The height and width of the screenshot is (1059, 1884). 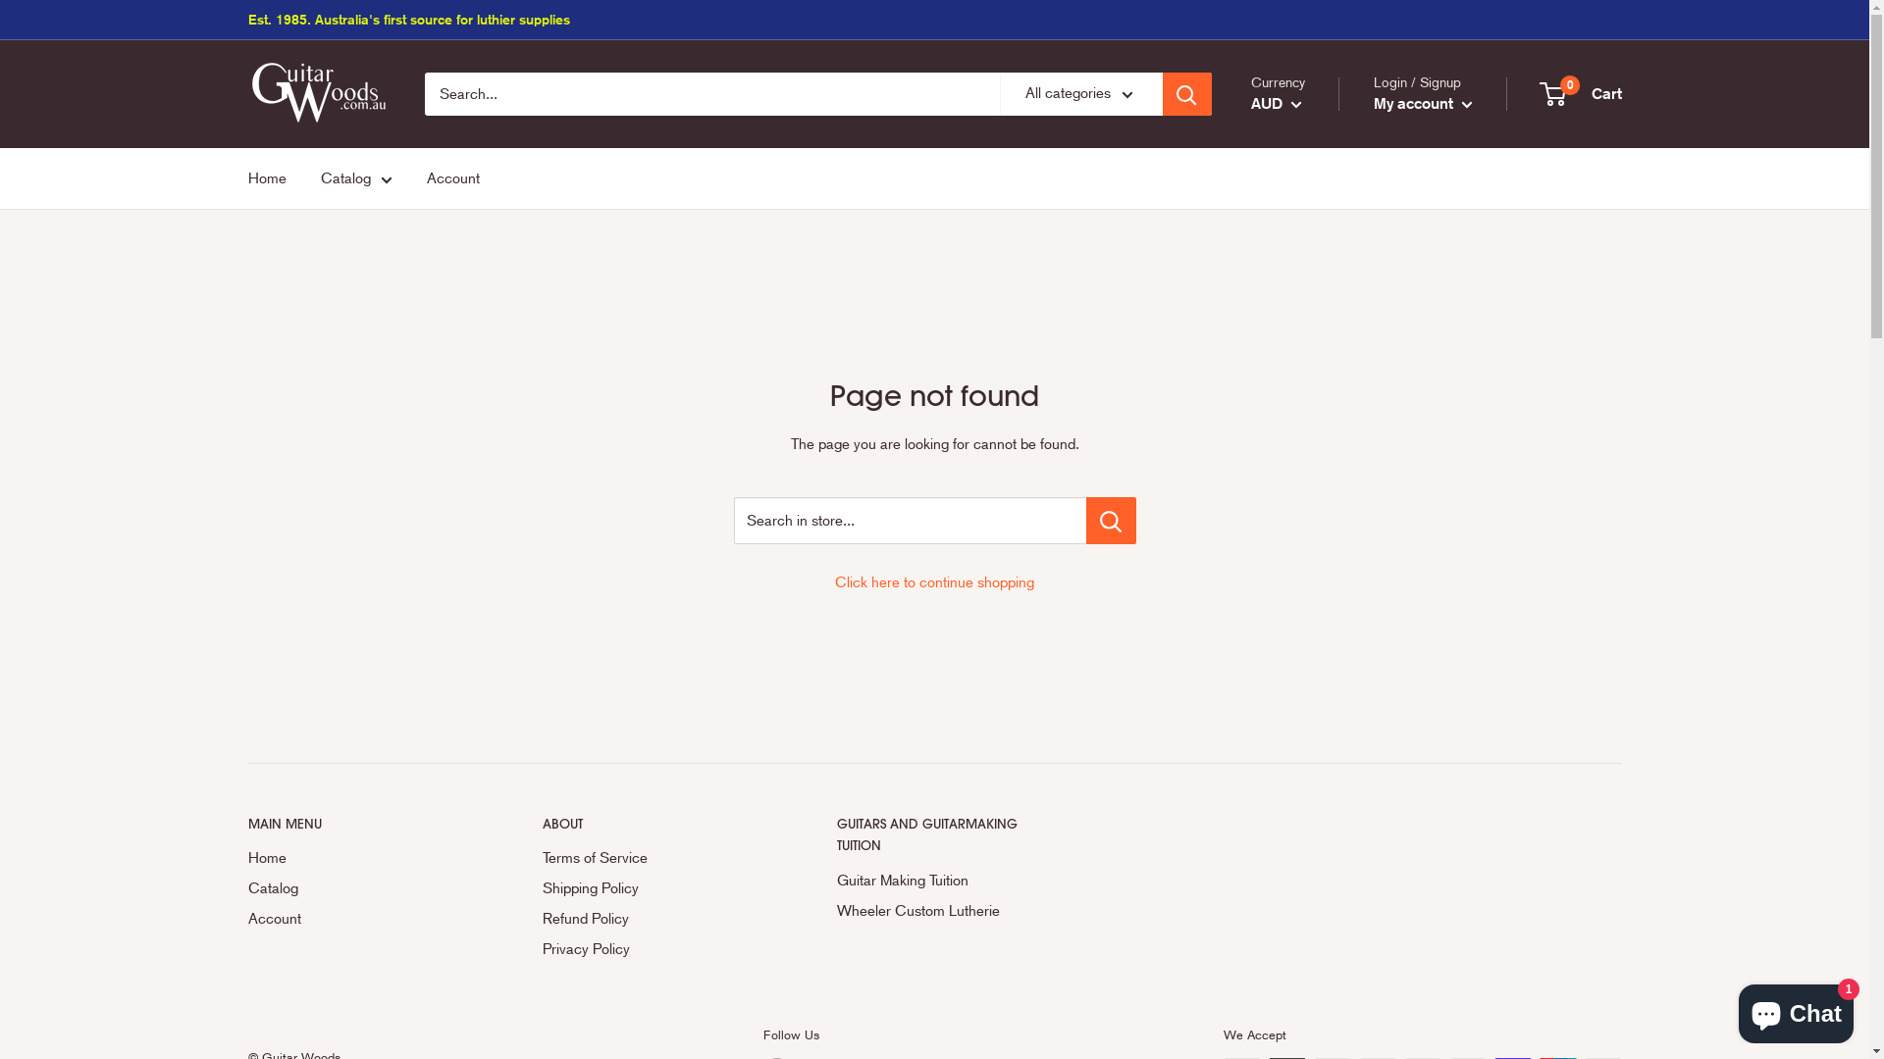 I want to click on '0, so click(x=1581, y=94).